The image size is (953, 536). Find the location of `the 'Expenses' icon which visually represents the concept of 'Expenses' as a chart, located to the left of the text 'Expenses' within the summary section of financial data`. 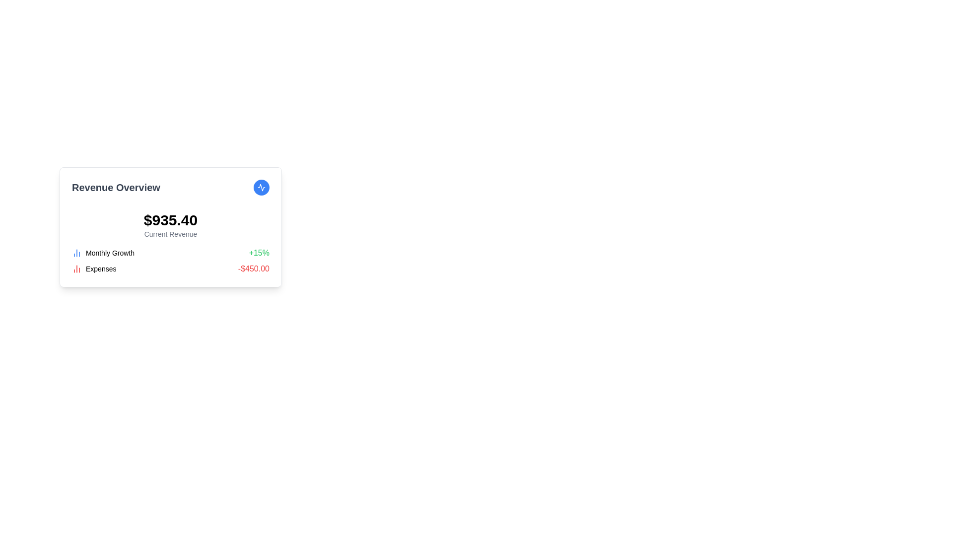

the 'Expenses' icon which visually represents the concept of 'Expenses' as a chart, located to the left of the text 'Expenses' within the summary section of financial data is located at coordinates (76, 269).